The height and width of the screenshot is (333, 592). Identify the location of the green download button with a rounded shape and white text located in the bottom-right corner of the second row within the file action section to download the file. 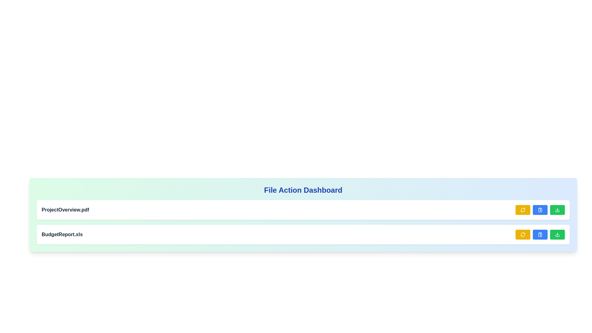
(557, 234).